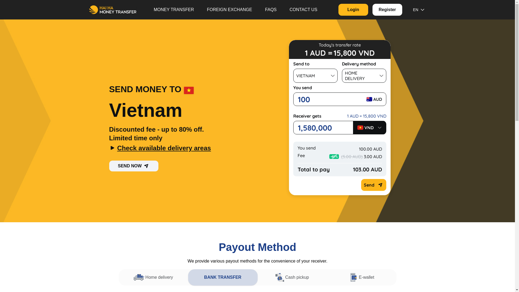 The height and width of the screenshot is (292, 519). What do you see at coordinates (178, 148) in the screenshot?
I see `'Check available delivery areas'` at bounding box center [178, 148].